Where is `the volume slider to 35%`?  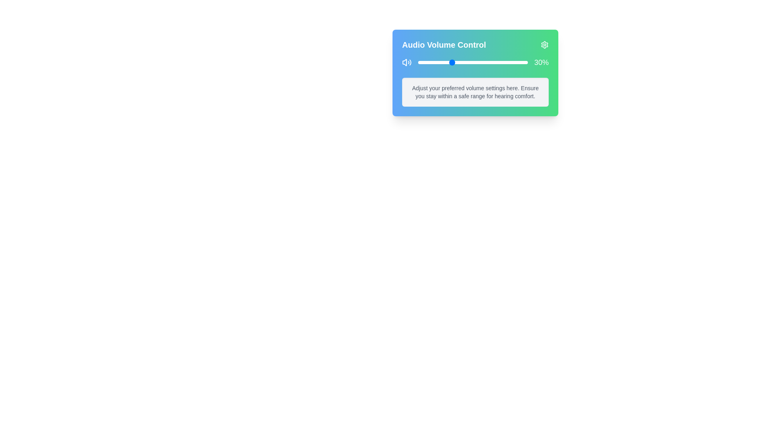 the volume slider to 35% is located at coordinates (456, 62).